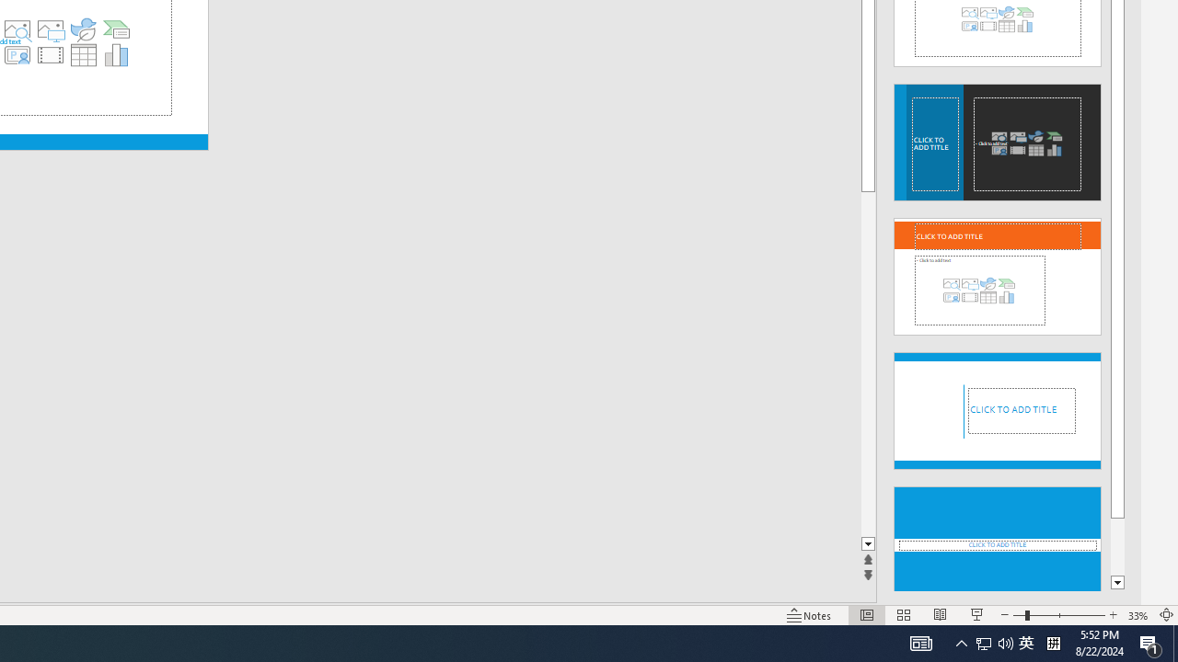  I want to click on 'Insert Video', so click(50, 54).